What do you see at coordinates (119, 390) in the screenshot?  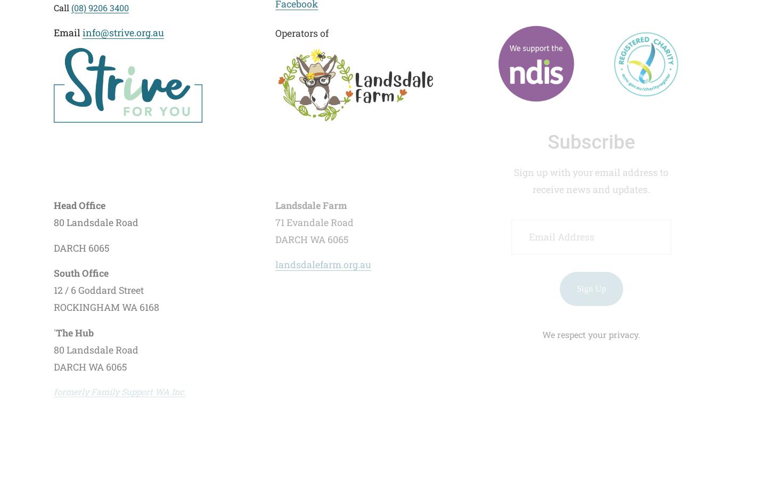 I see `'formerly Family Support WA Inc.'` at bounding box center [119, 390].